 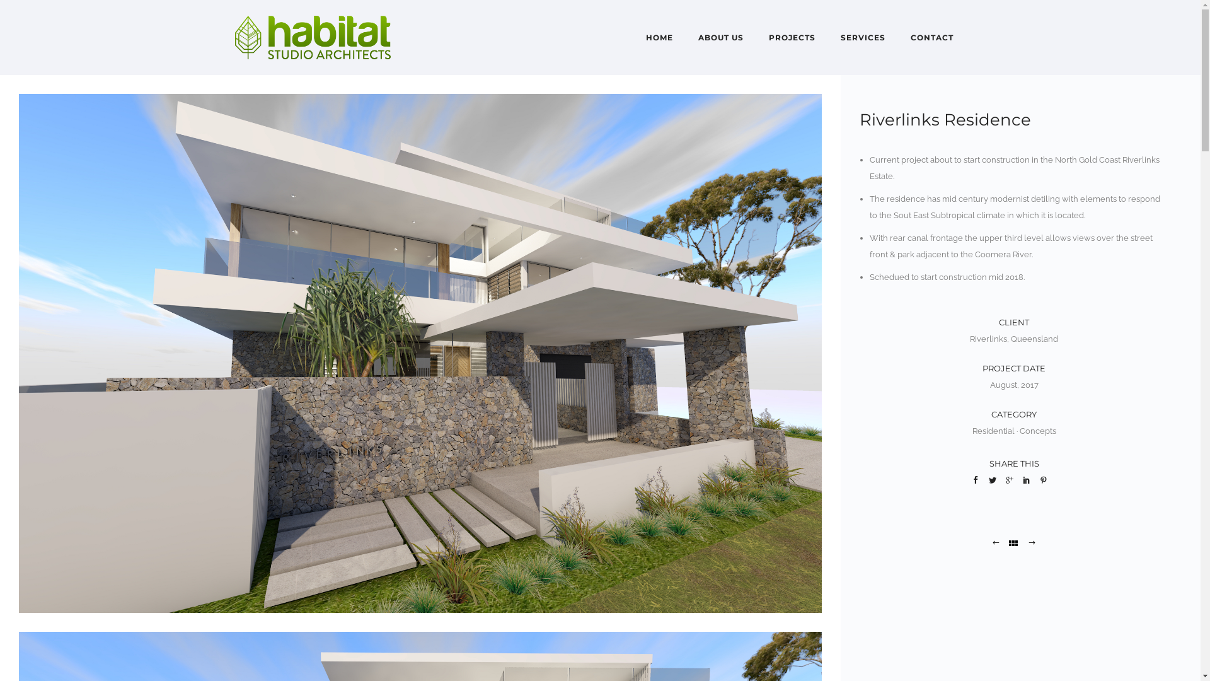 I want to click on 'Mt Whitsunday Concept', so click(x=1032, y=543).